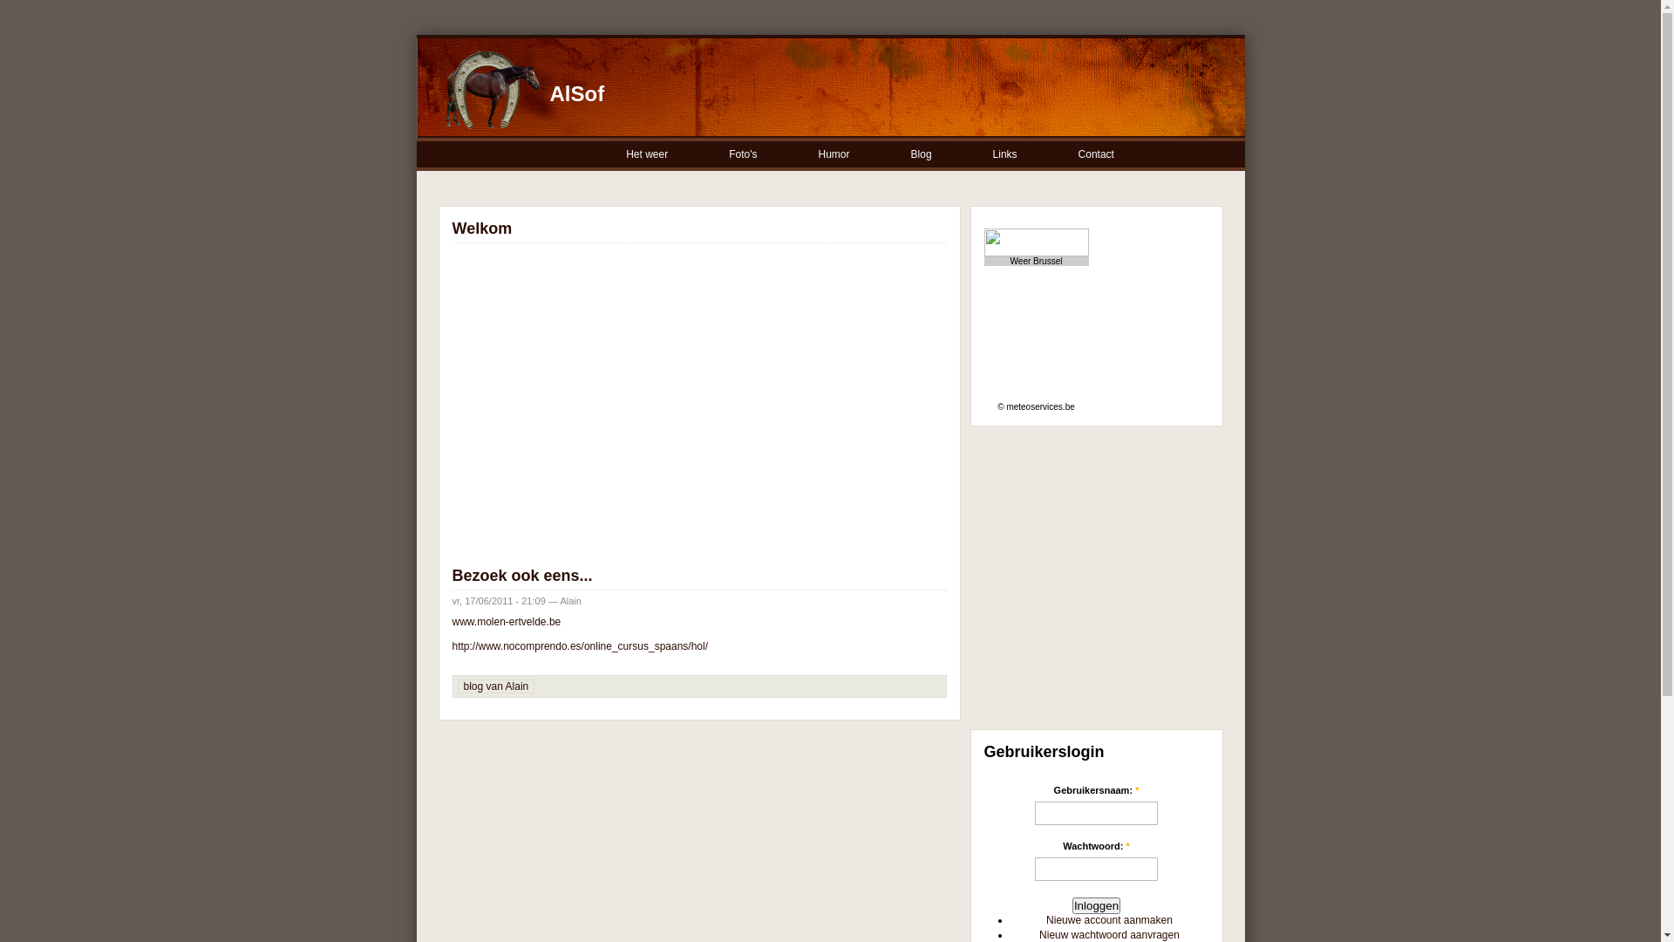  What do you see at coordinates (576, 93) in the screenshot?
I see `'AlSof'` at bounding box center [576, 93].